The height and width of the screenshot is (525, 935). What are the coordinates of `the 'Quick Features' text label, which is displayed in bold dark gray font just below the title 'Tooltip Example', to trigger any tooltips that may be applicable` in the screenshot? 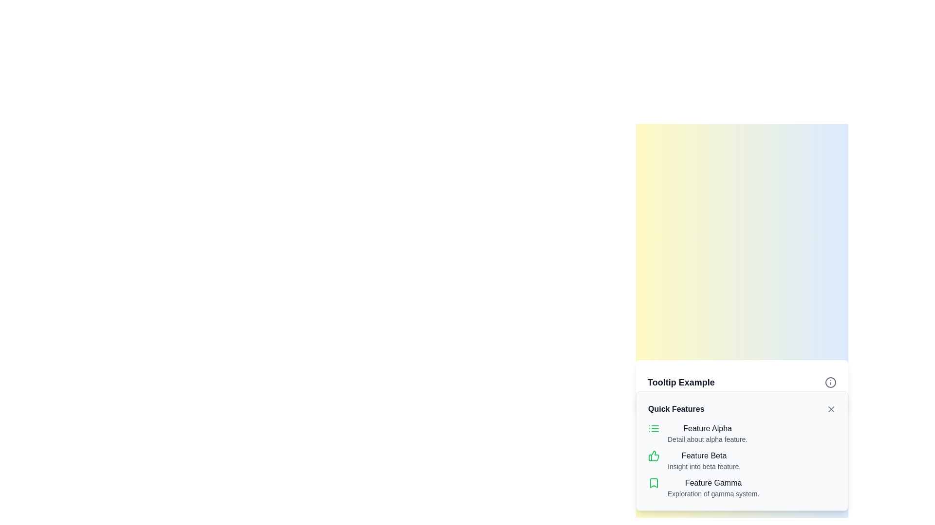 It's located at (675, 409).